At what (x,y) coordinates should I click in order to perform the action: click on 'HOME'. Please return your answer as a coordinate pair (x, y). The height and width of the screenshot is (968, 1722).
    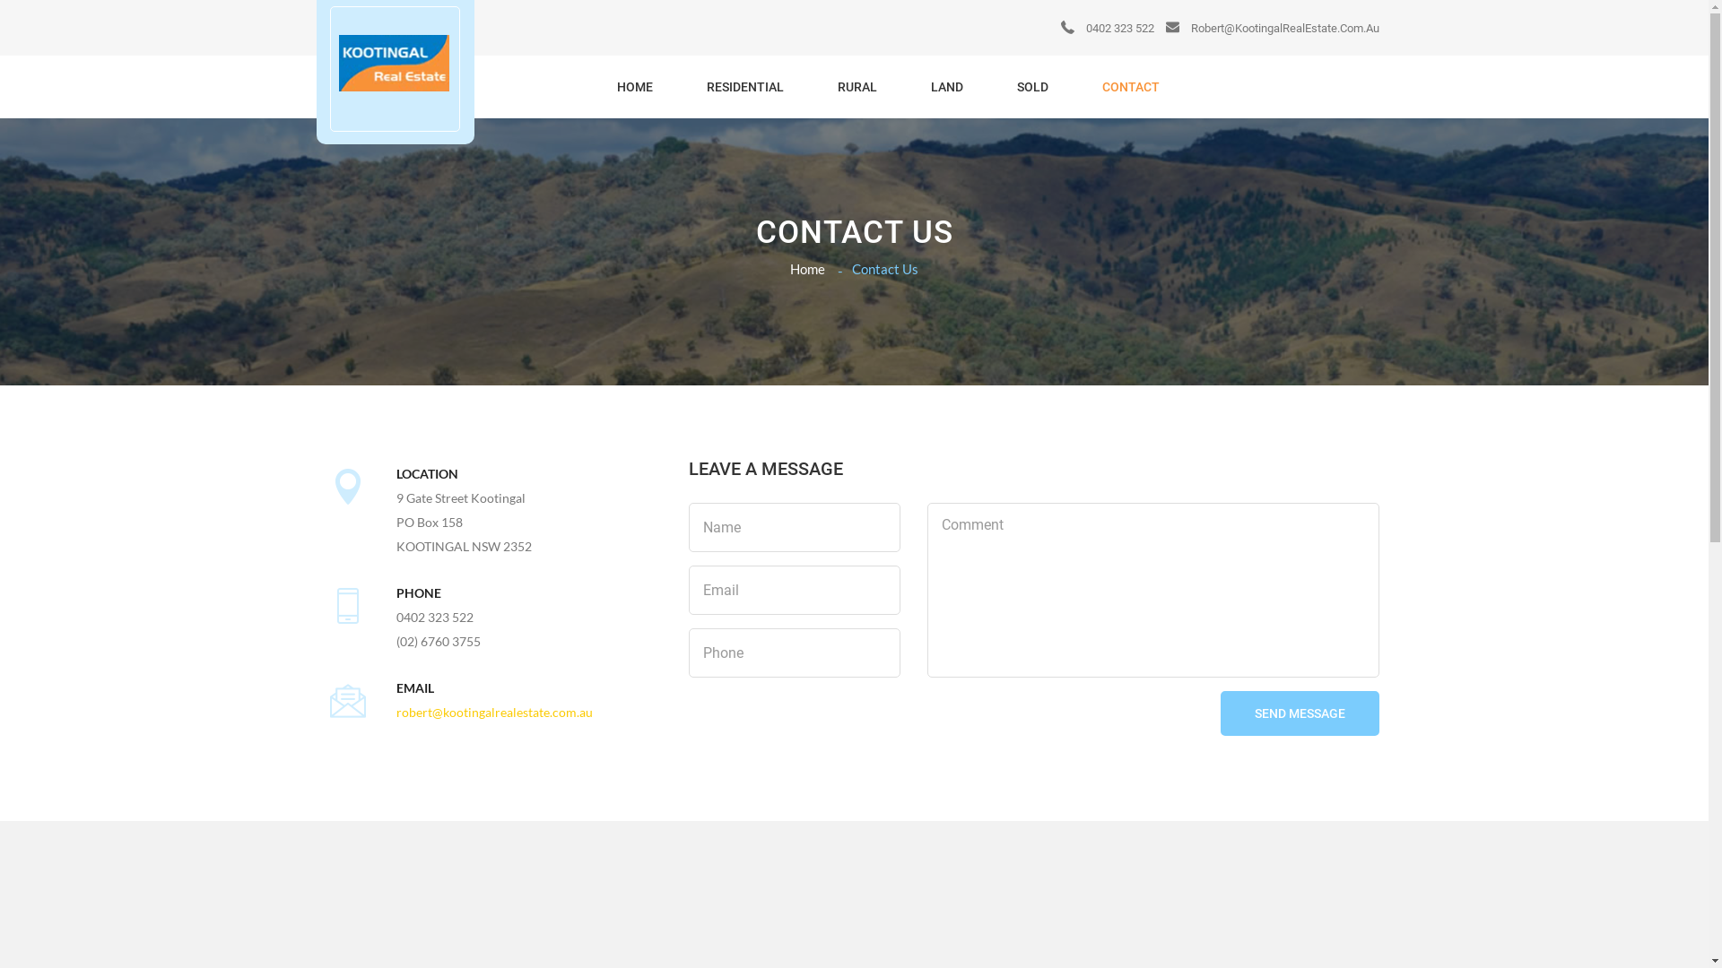
    Looking at the image, I should click on (598, 86).